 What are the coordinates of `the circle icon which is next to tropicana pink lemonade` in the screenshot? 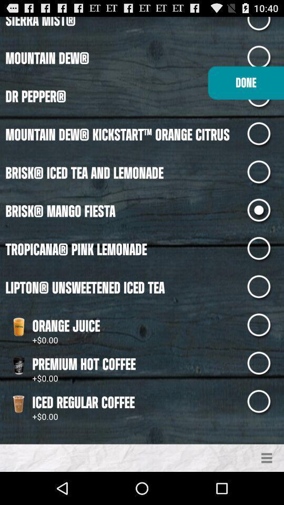 It's located at (265, 250).